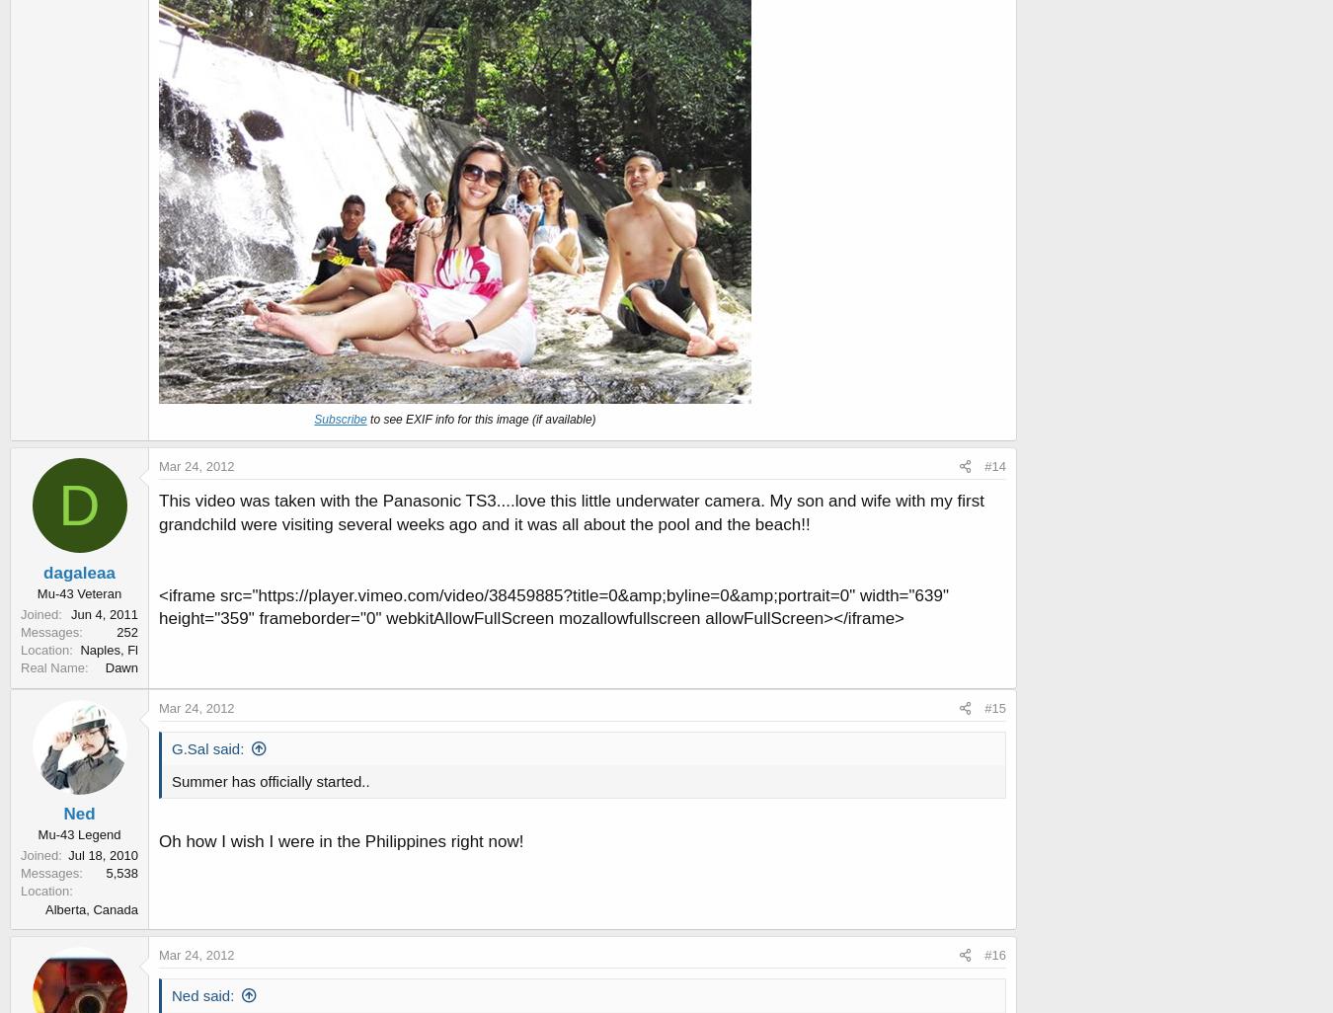 The height and width of the screenshot is (1013, 1333). What do you see at coordinates (103, 613) in the screenshot?
I see `'Jun 4, 2011'` at bounding box center [103, 613].